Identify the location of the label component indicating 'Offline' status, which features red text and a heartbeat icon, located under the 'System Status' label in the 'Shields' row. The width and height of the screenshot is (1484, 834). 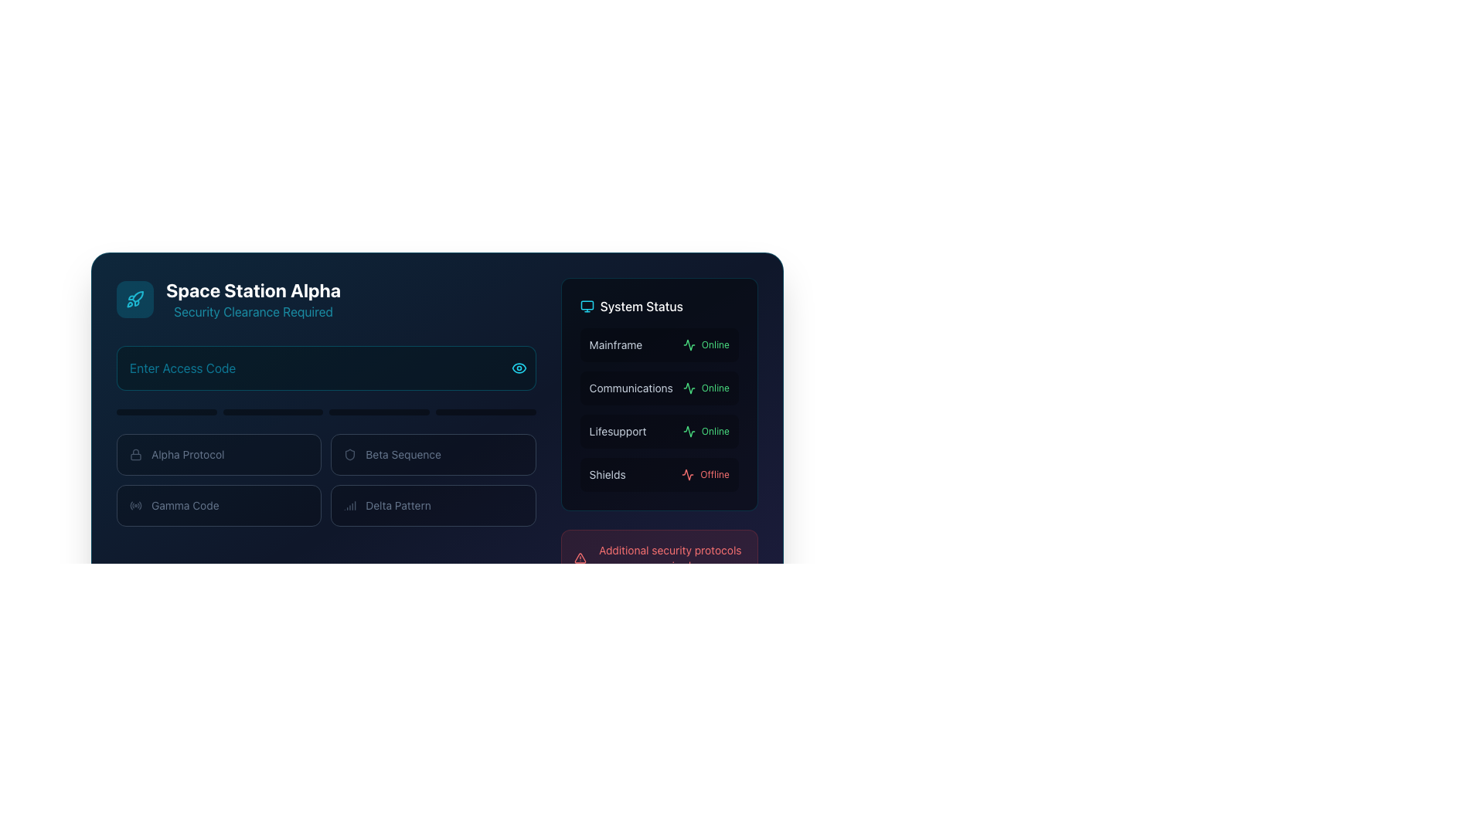
(705, 473).